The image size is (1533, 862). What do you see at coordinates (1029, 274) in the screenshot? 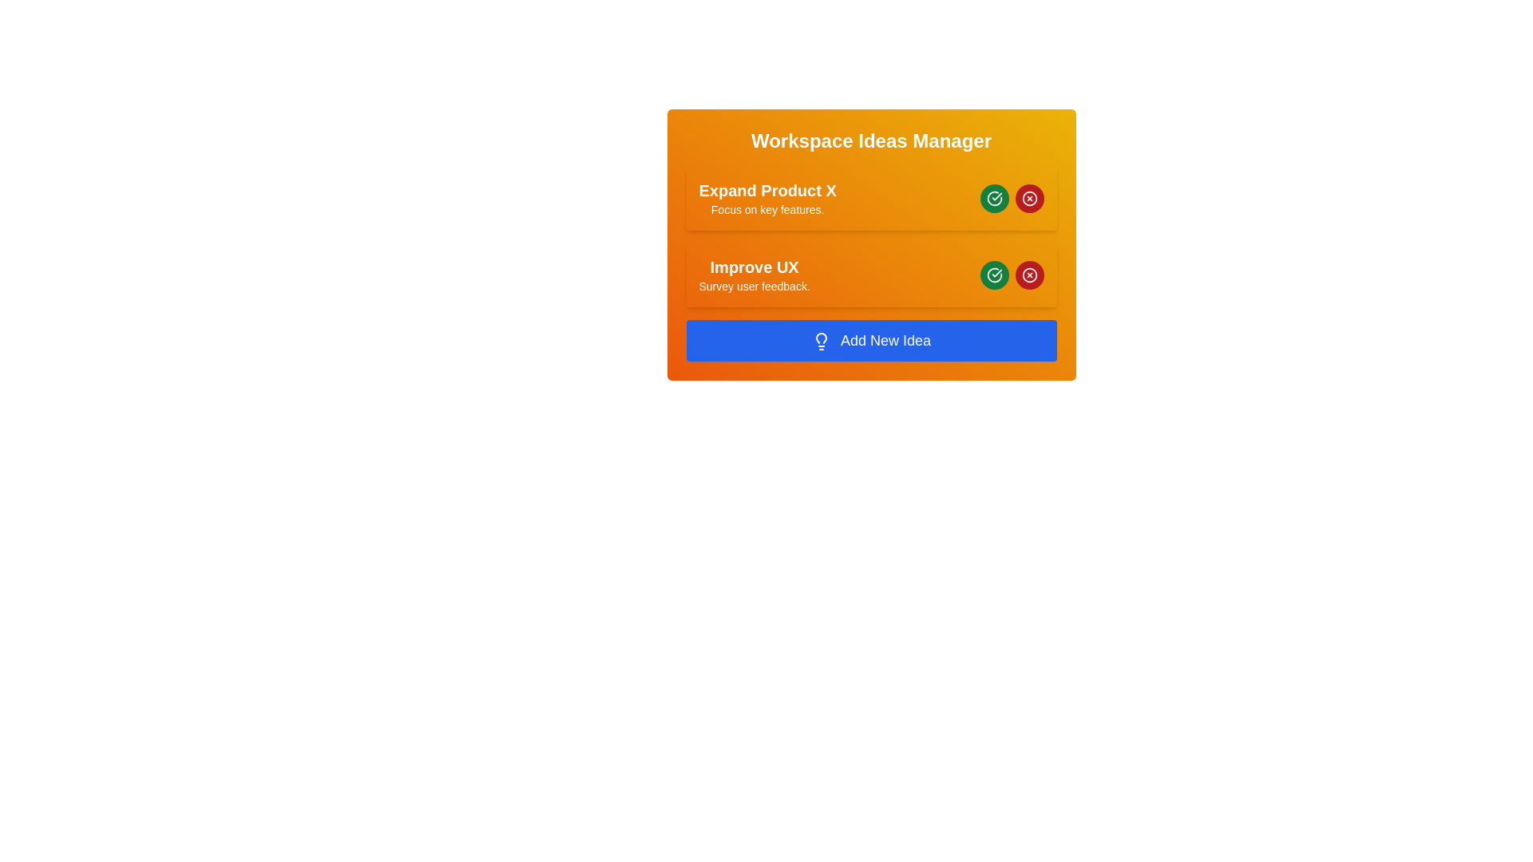
I see `the red circular button with a white border and a cross icon, located in the action bar of the 'Improve UX' module` at bounding box center [1029, 274].